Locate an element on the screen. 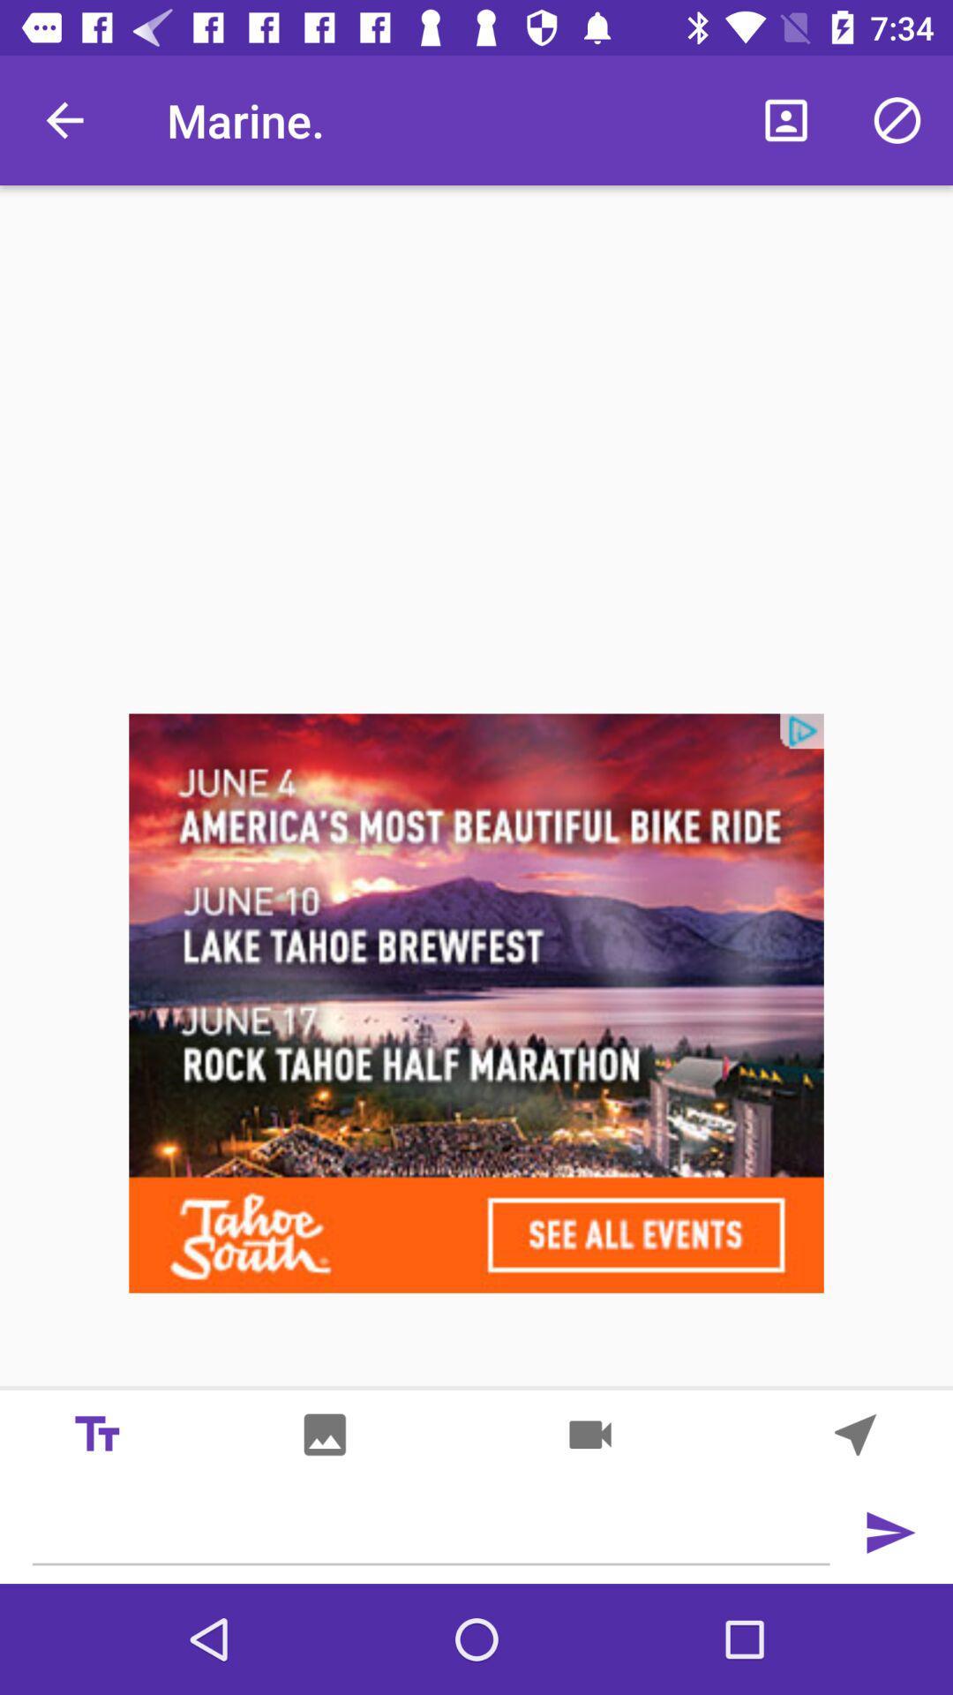 This screenshot has height=1695, width=953. the videocam icon is located at coordinates (589, 1435).